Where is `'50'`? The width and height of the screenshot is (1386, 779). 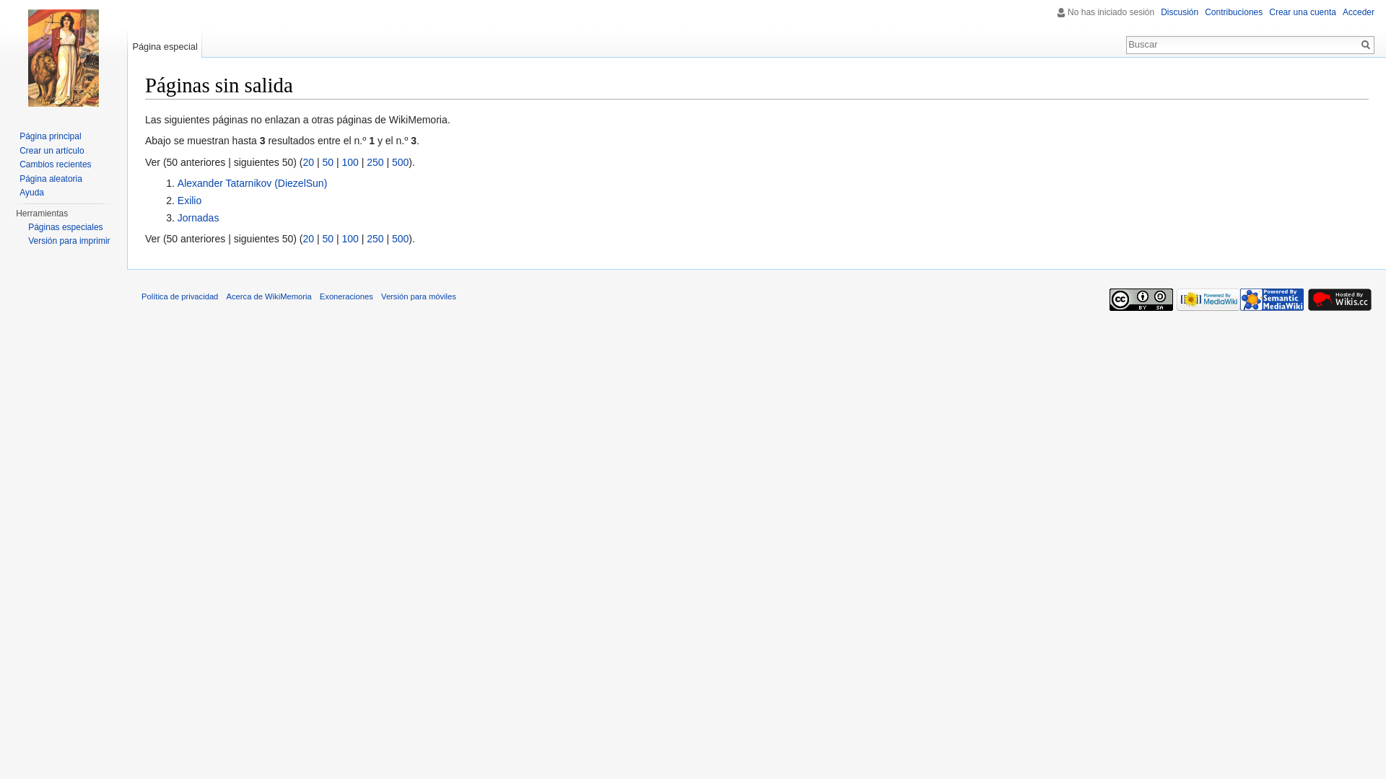 '50' is located at coordinates (327, 162).